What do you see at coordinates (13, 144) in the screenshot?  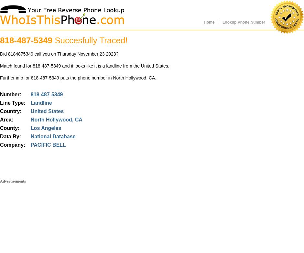 I see `'Company:'` at bounding box center [13, 144].